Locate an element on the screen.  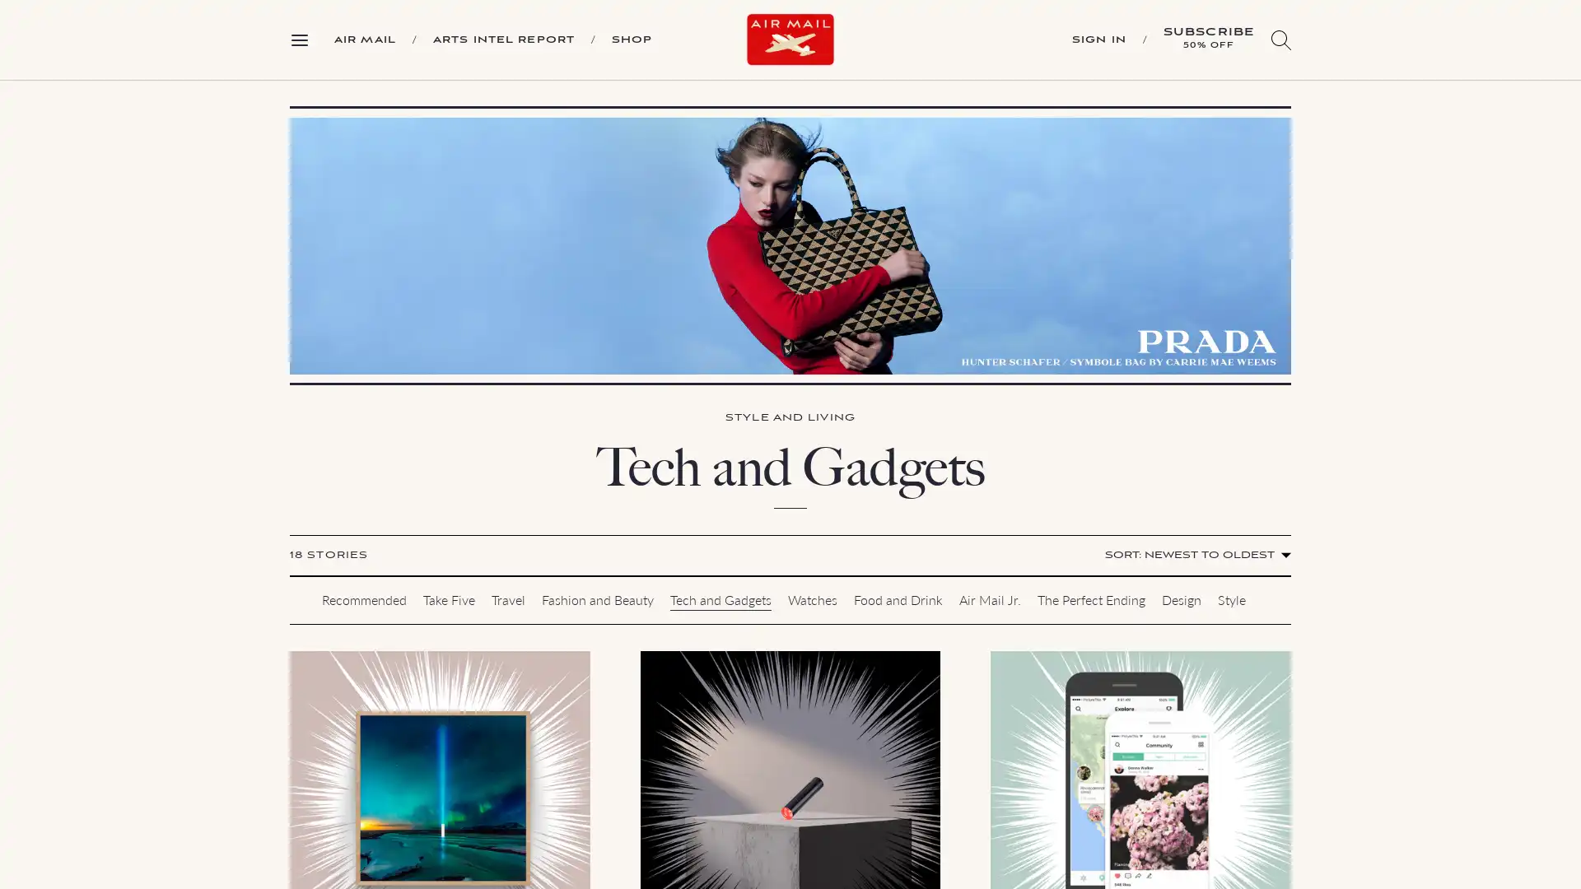
SORT: NEWEST TO OLDEST is located at coordinates (1195, 556).